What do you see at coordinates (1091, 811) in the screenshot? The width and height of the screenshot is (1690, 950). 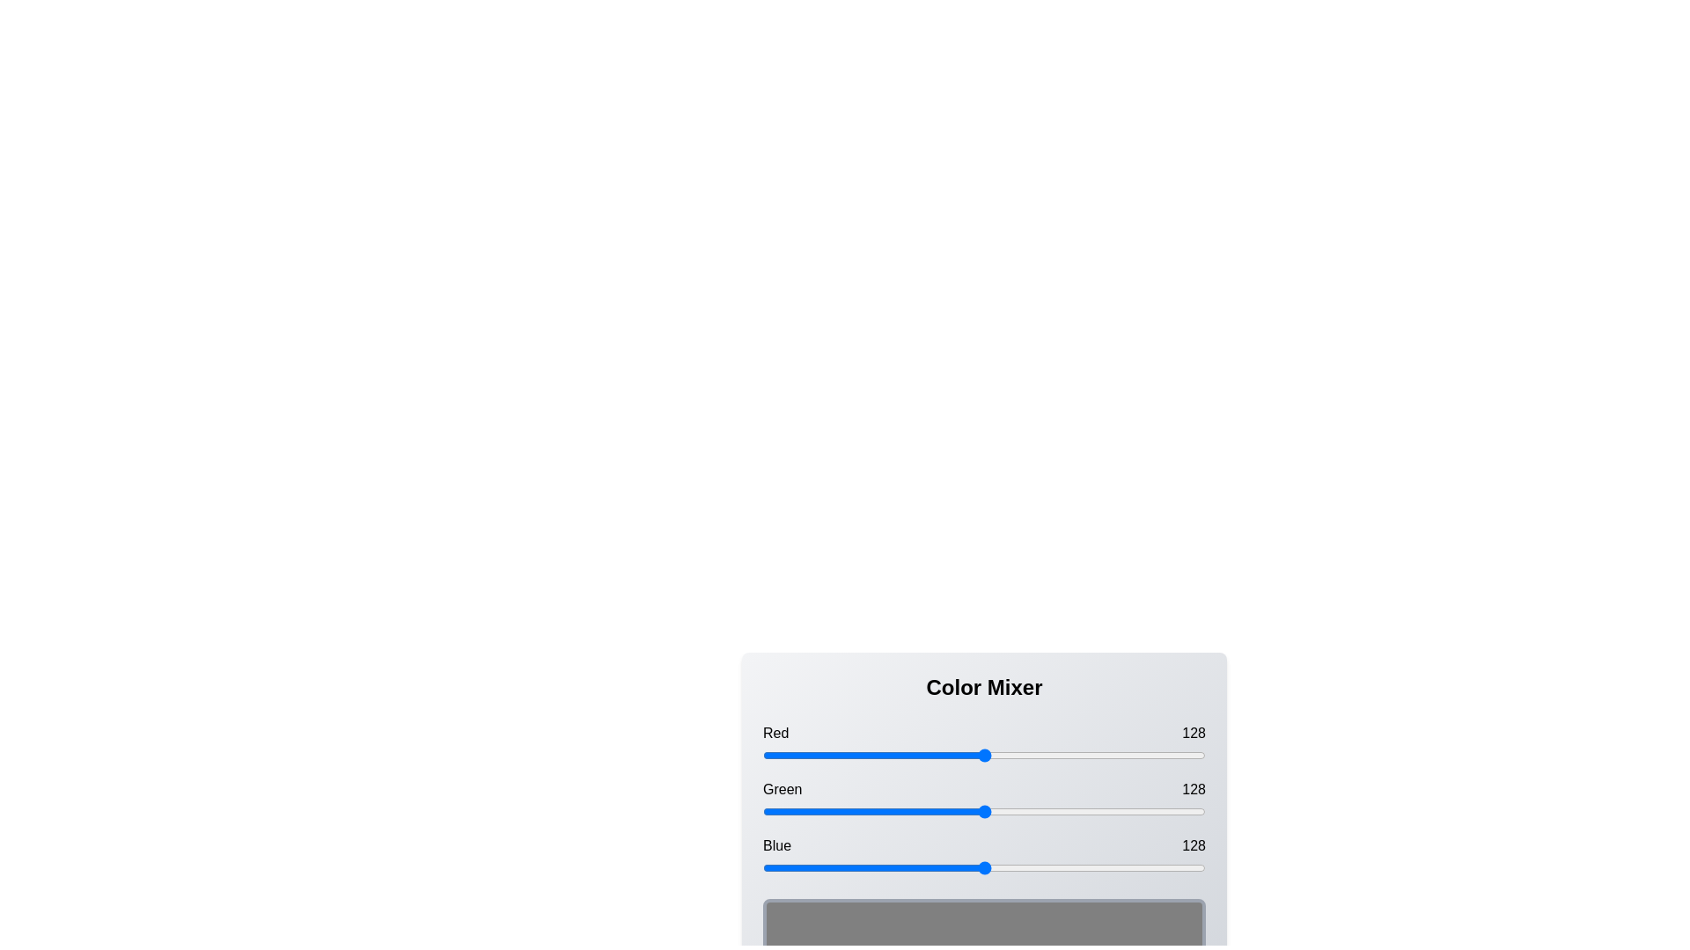 I see `the green slider to set its value to 190` at bounding box center [1091, 811].